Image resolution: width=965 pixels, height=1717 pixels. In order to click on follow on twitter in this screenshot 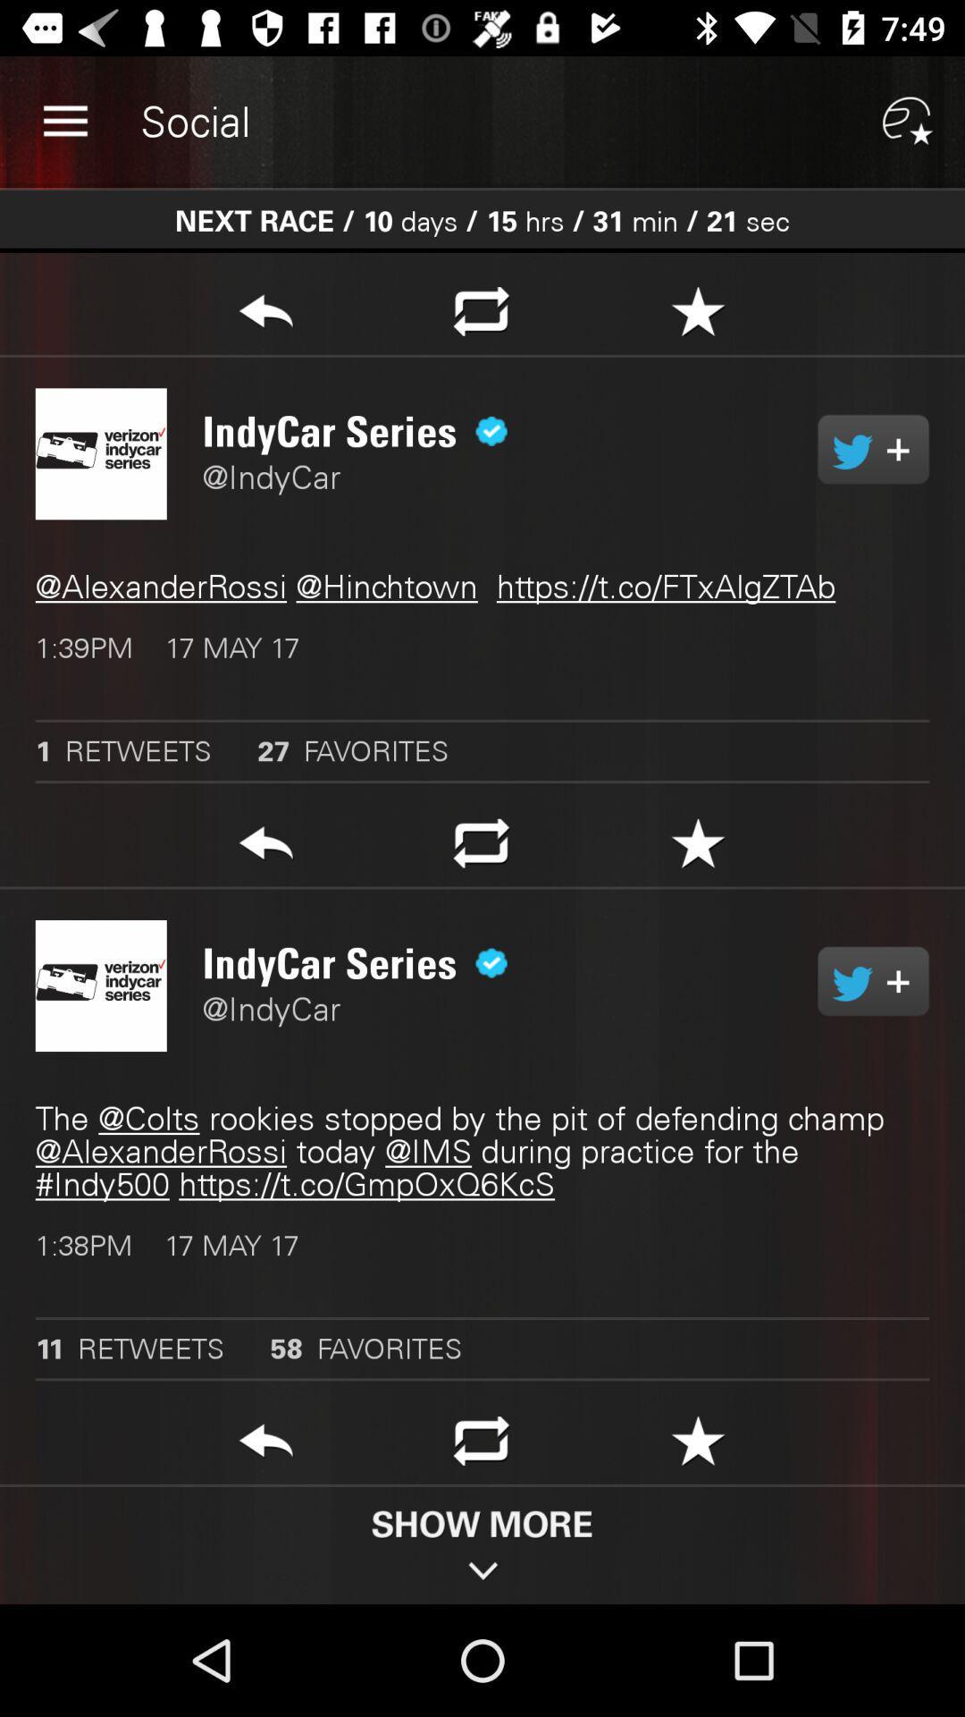, I will do `click(872, 980)`.